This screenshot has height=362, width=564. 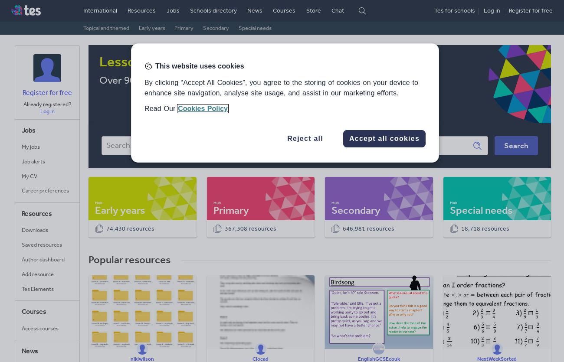 What do you see at coordinates (337, 10) in the screenshot?
I see `'Chat'` at bounding box center [337, 10].